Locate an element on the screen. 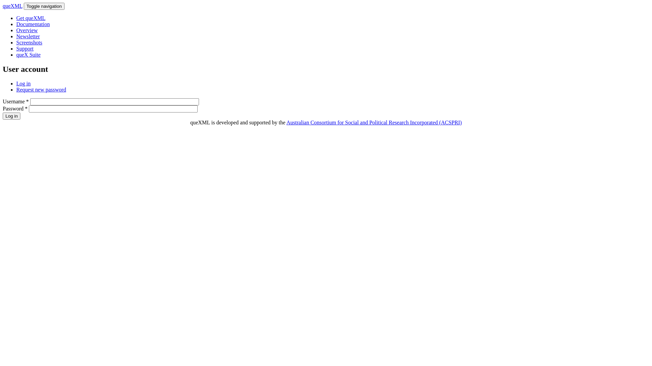 This screenshot has height=366, width=652. 'Documentation' is located at coordinates (16, 24).